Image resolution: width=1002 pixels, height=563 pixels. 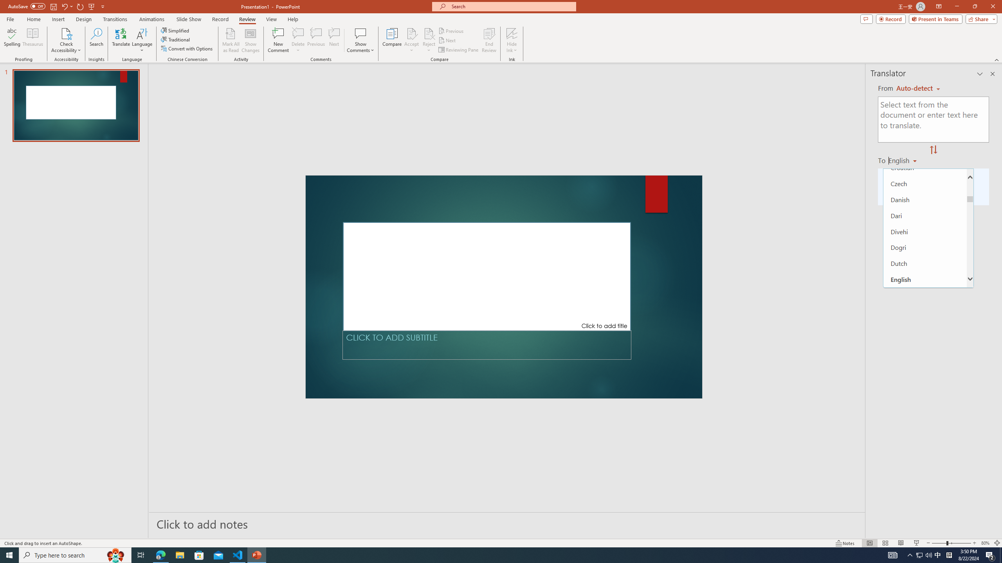 I want to click on 'Hide Ink', so click(x=512, y=33).